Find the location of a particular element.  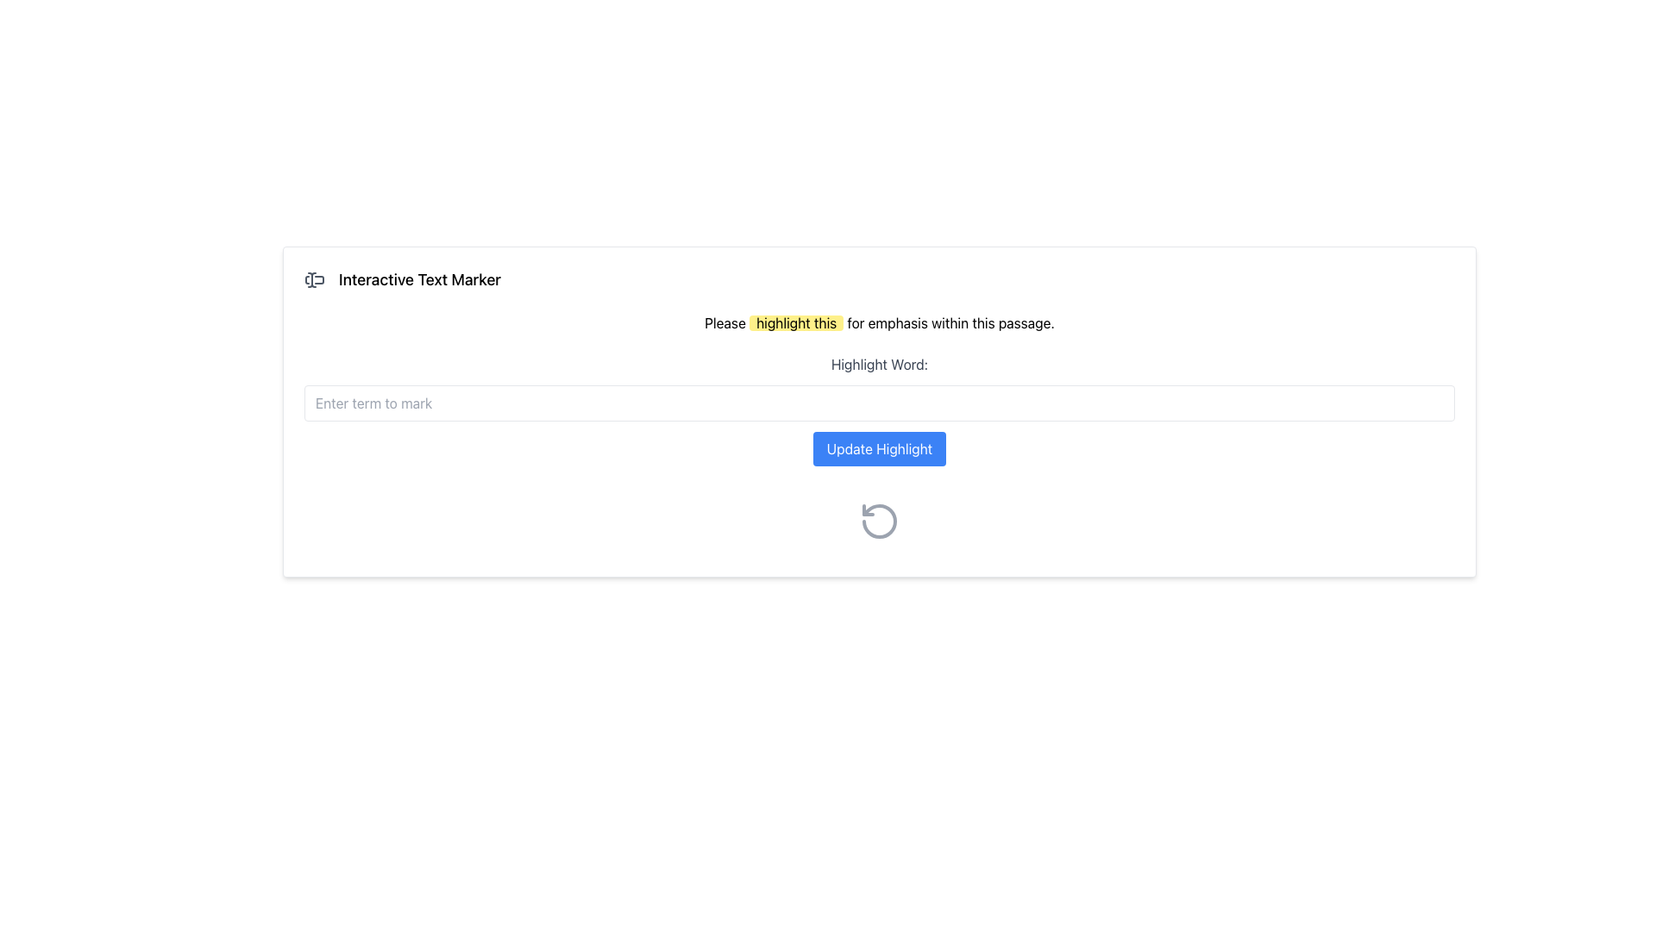

the text fragment styled with a yellow background containing the text 'highlight this', which is positioned in the middle of the sentence 'Please highlight this for emphasis within this passage.' is located at coordinates (795, 322).